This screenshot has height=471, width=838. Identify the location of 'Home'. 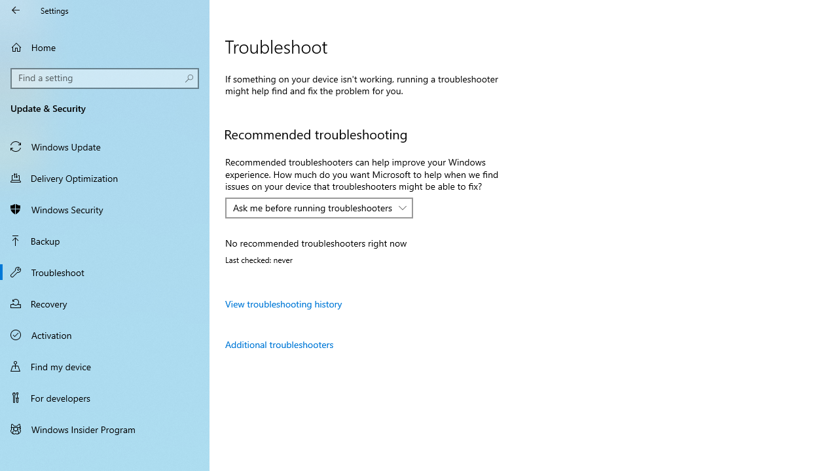
(105, 46).